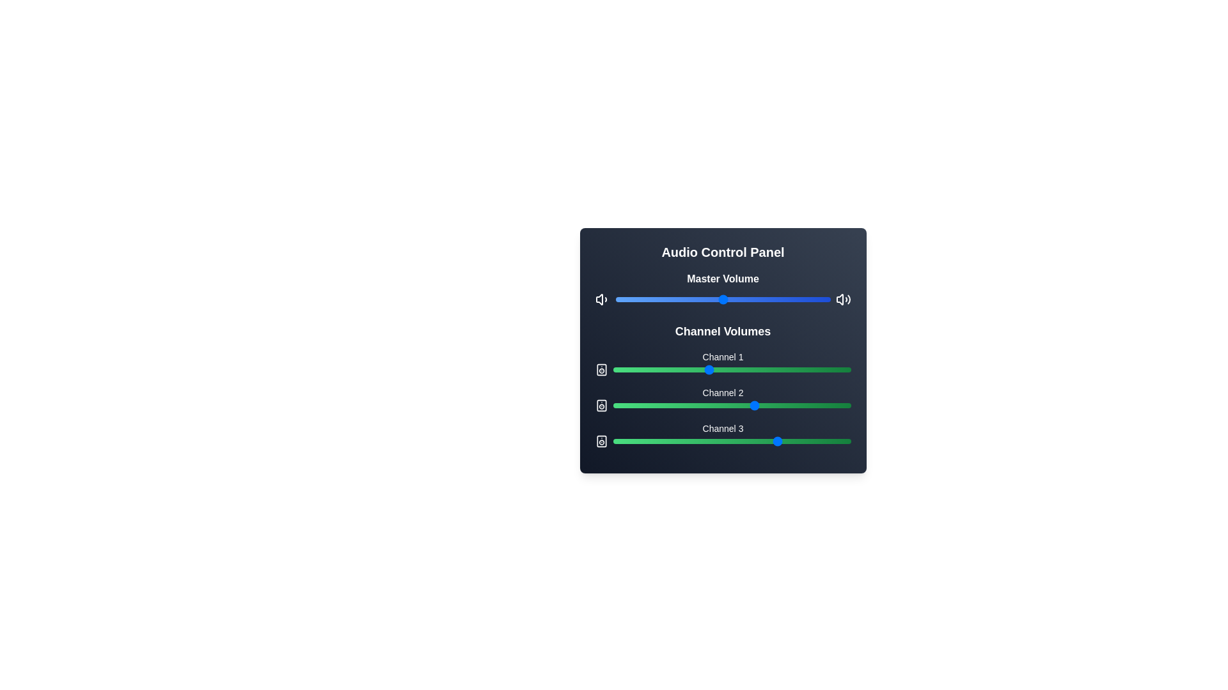  What do you see at coordinates (653, 440) in the screenshot?
I see `the slider value` at bounding box center [653, 440].